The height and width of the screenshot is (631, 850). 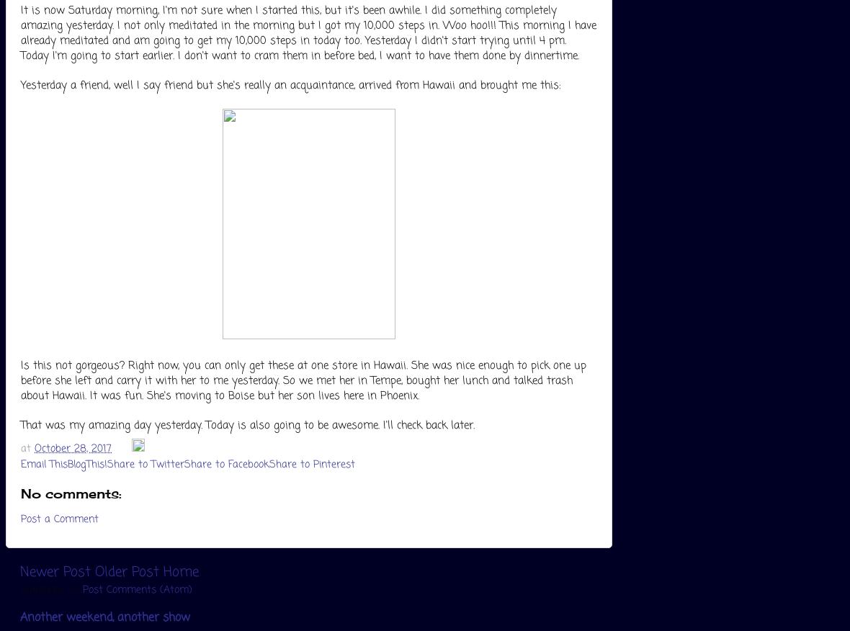 I want to click on 'Home', so click(x=164, y=571).